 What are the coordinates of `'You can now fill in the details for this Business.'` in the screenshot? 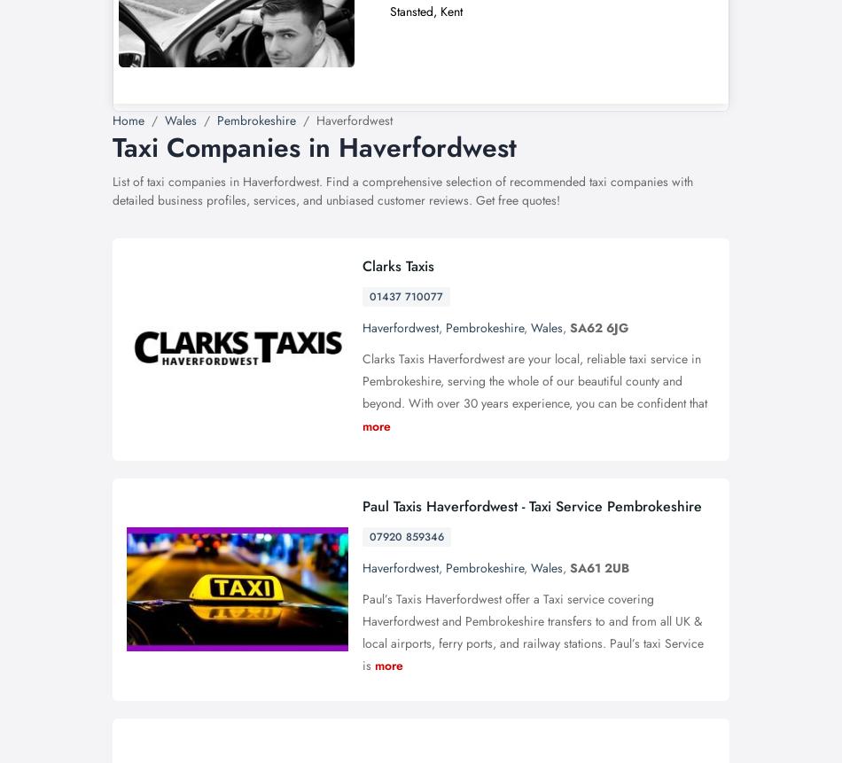 It's located at (277, 301).